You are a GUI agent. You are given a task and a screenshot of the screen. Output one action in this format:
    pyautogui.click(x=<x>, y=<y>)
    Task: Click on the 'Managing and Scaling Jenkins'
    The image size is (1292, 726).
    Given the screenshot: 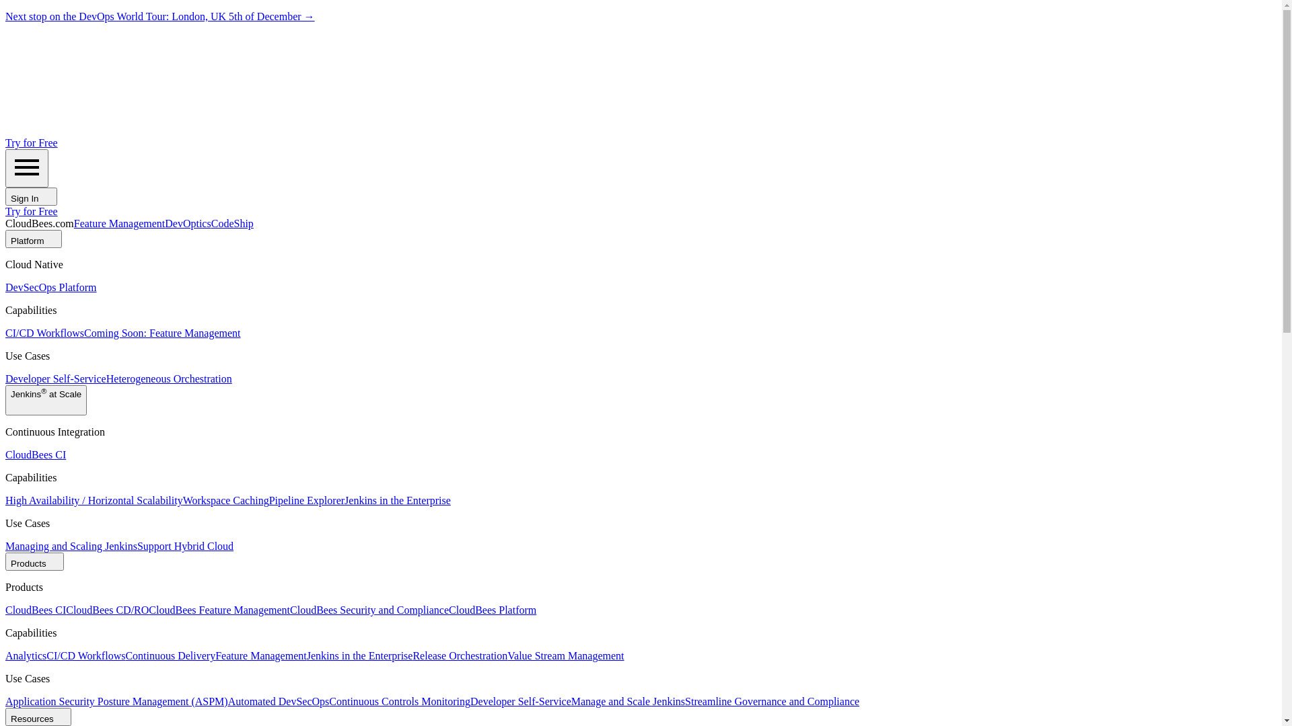 What is the action you would take?
    pyautogui.click(x=5, y=546)
    